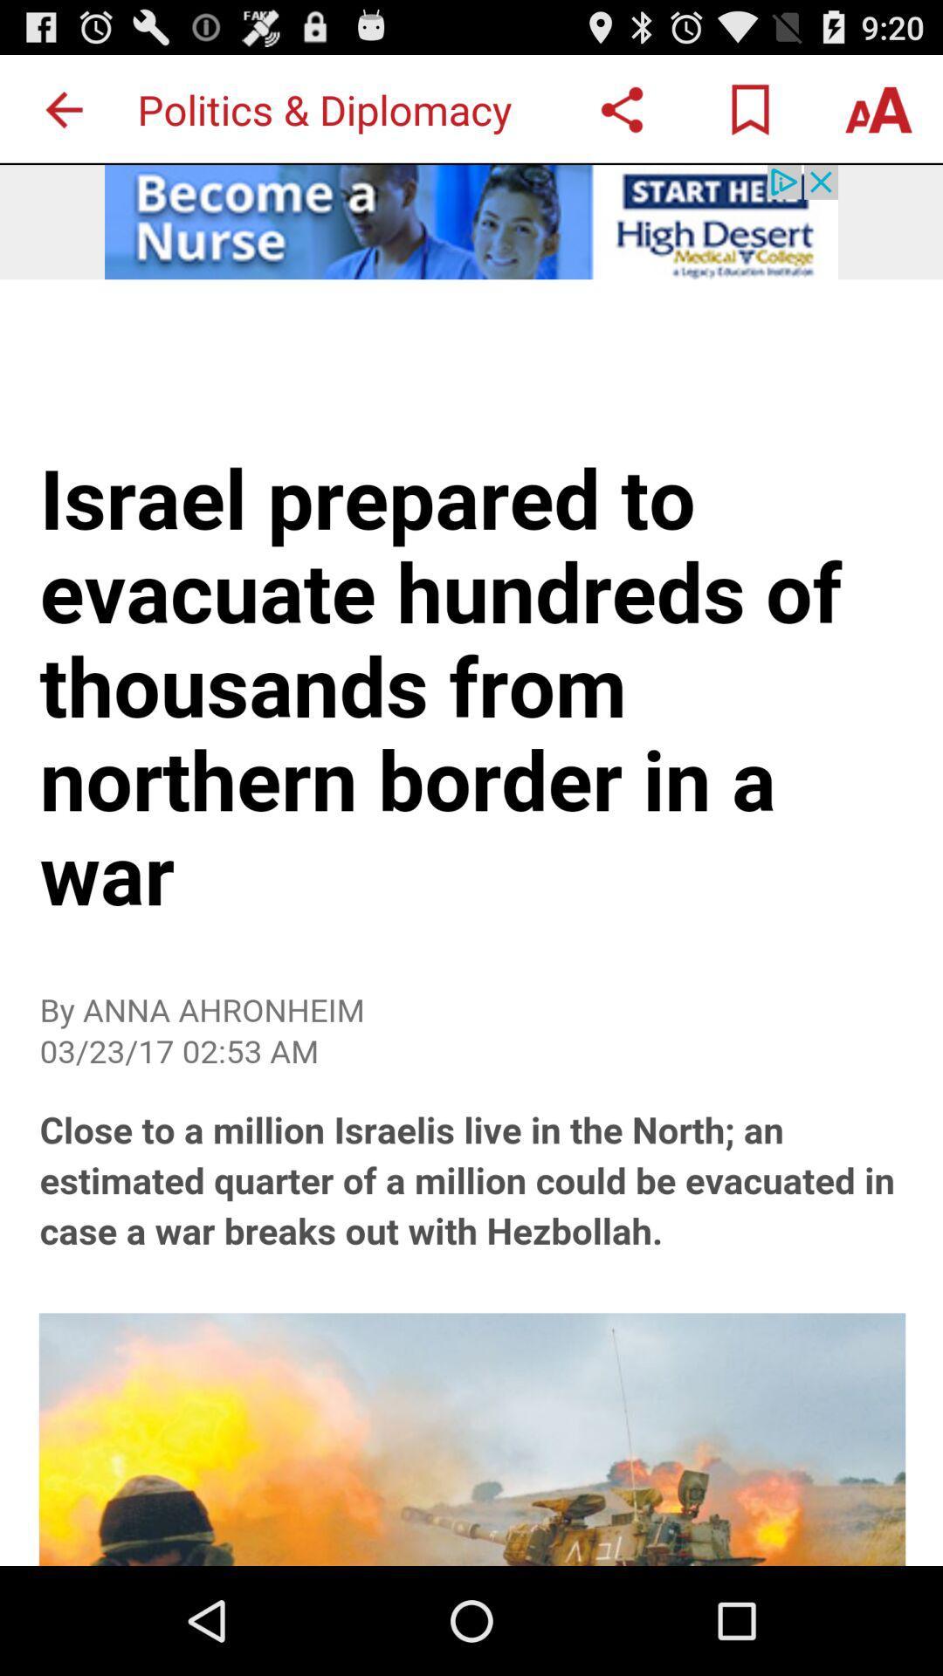 This screenshot has width=943, height=1676. What do you see at coordinates (749, 108) in the screenshot?
I see `bookmark option` at bounding box center [749, 108].